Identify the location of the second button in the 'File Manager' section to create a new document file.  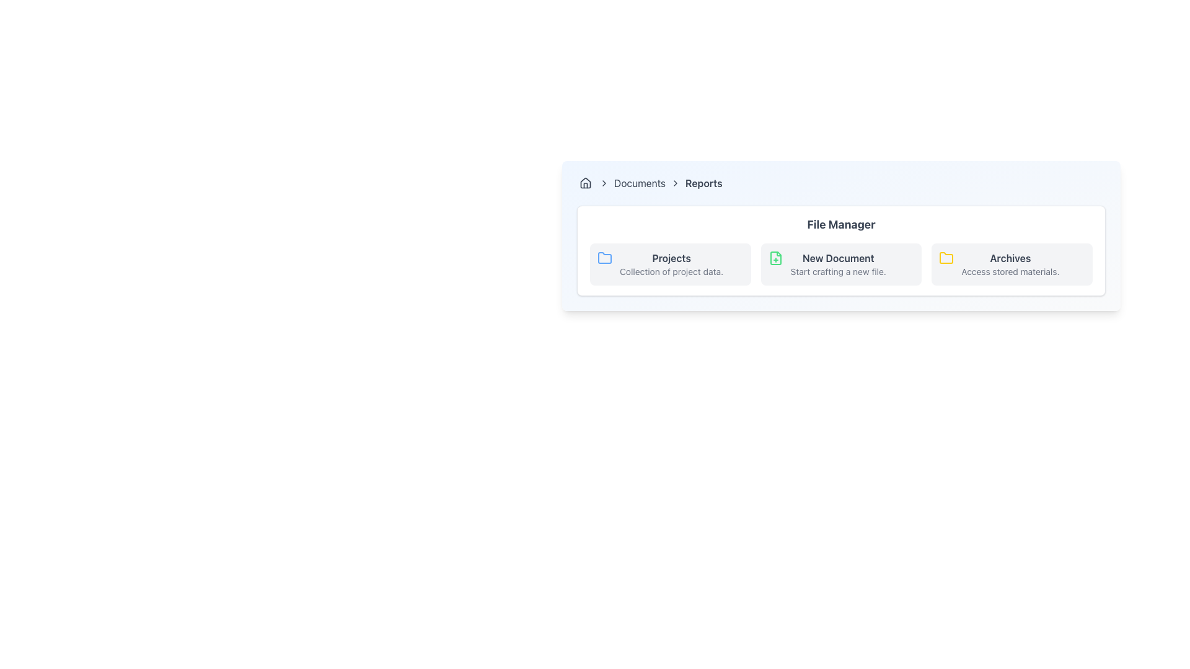
(841, 264).